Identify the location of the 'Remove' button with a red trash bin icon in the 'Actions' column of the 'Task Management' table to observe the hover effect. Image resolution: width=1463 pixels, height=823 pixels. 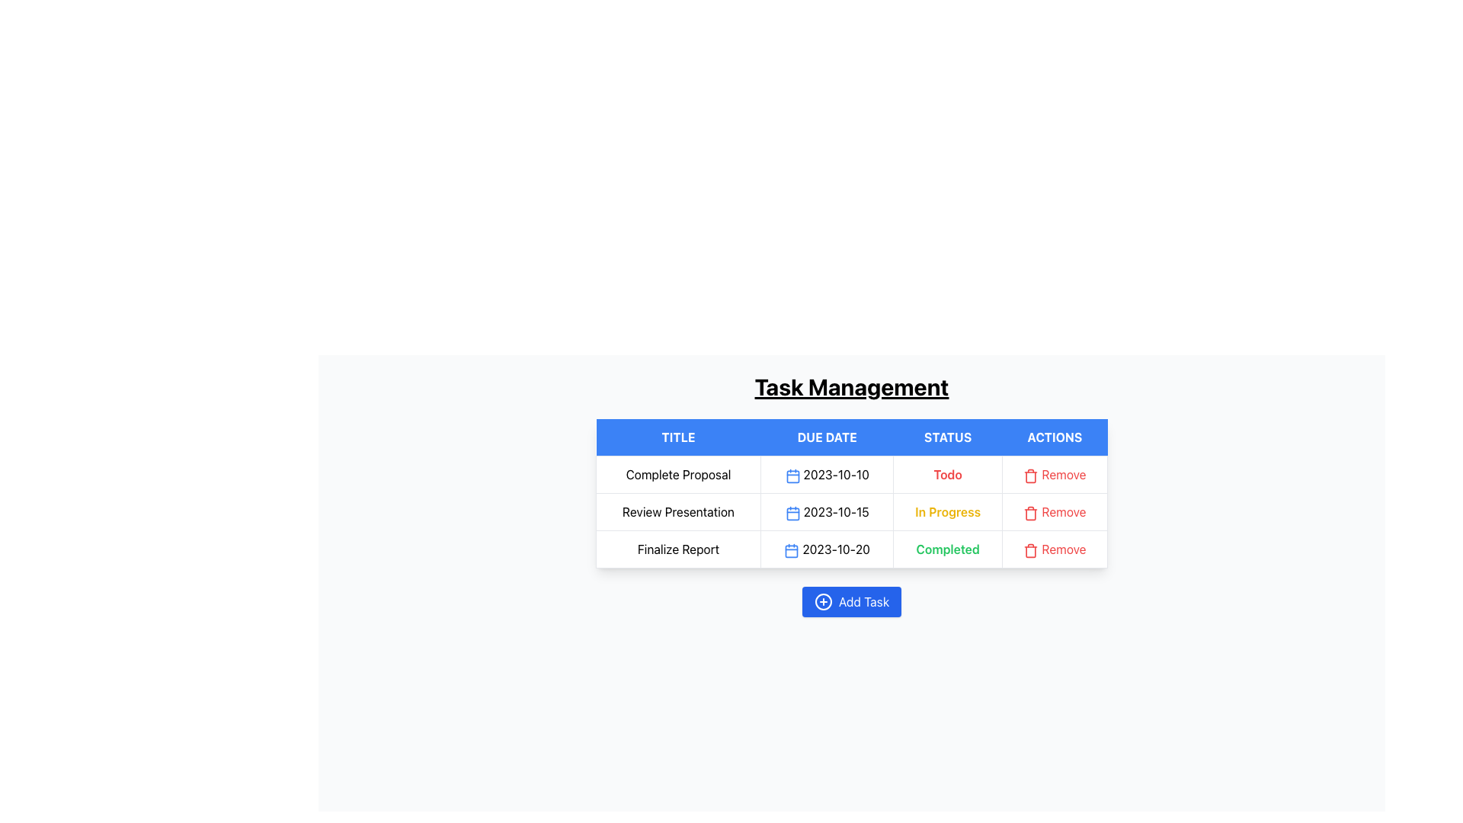
(1054, 474).